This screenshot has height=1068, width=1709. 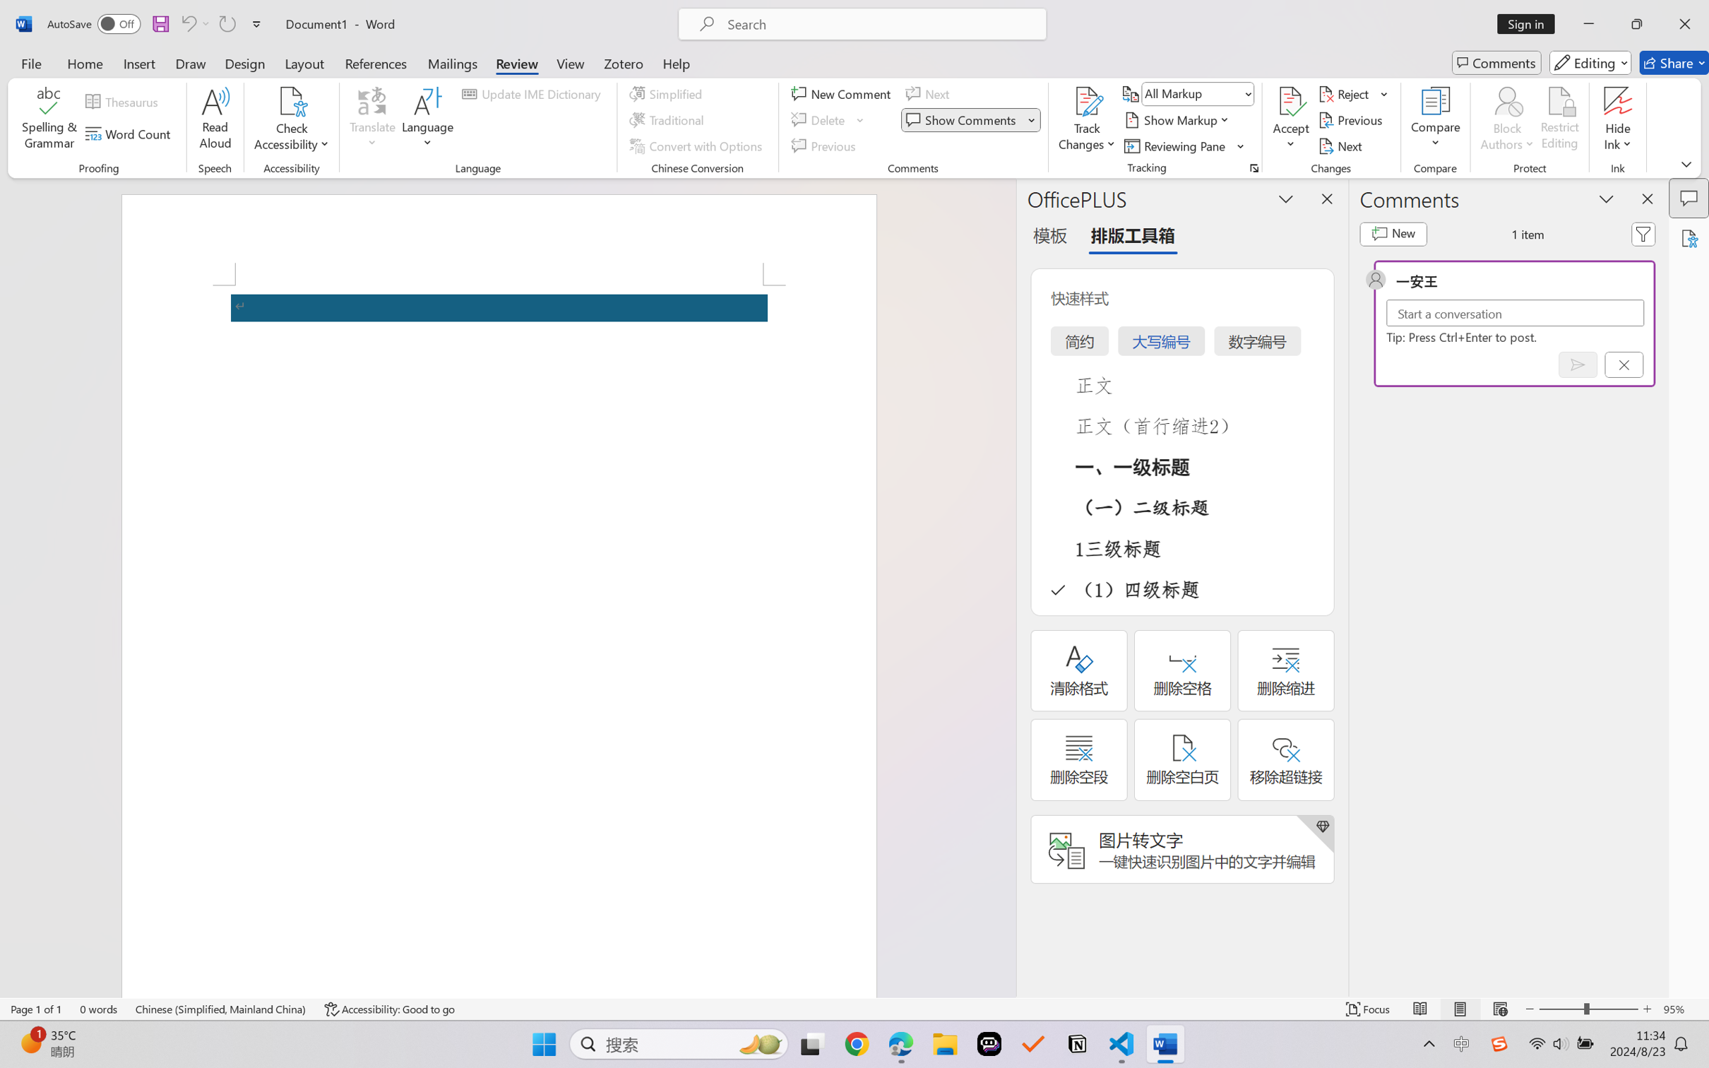 What do you see at coordinates (1197, 93) in the screenshot?
I see `'Display for Review'` at bounding box center [1197, 93].